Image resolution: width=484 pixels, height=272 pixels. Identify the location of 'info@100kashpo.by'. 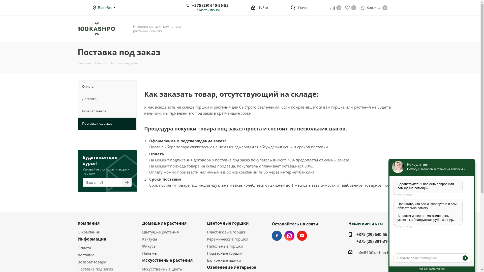
(374, 252).